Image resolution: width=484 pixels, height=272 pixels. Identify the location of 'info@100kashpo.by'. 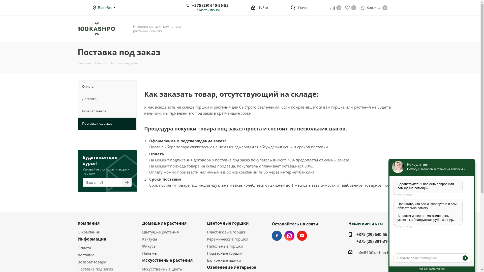
(374, 252).